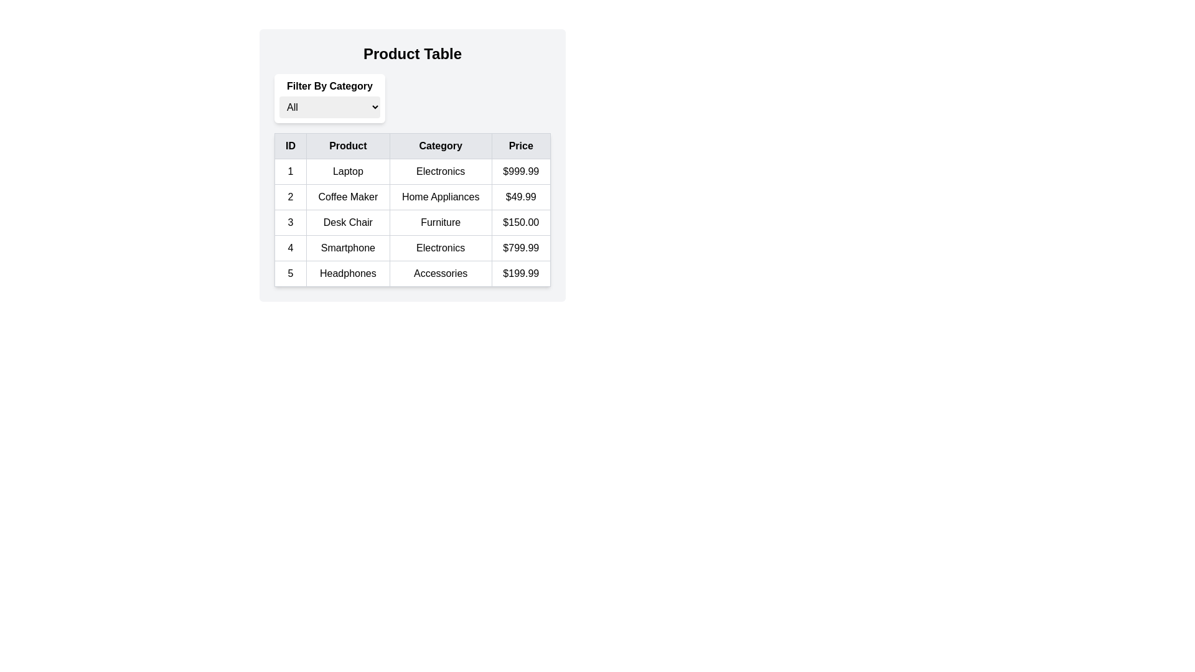  What do you see at coordinates (289, 172) in the screenshot?
I see `the table cell containing the digit '1', which is located in the first row and first column under the 'ID' header` at bounding box center [289, 172].